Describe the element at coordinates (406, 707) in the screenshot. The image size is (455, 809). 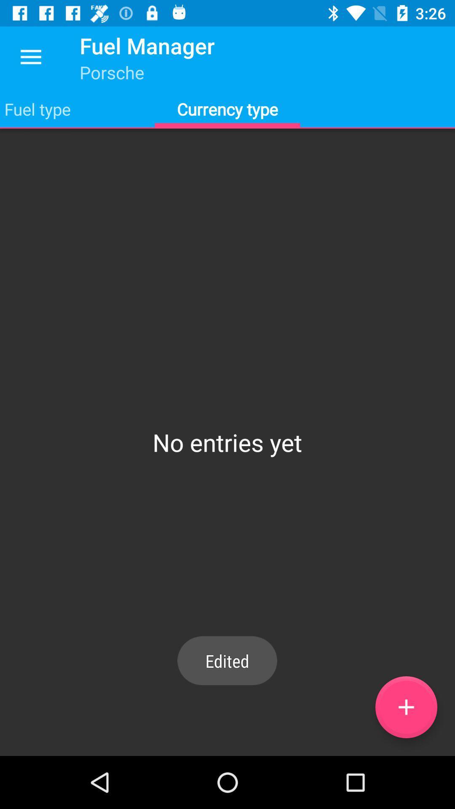
I see `entry` at that location.